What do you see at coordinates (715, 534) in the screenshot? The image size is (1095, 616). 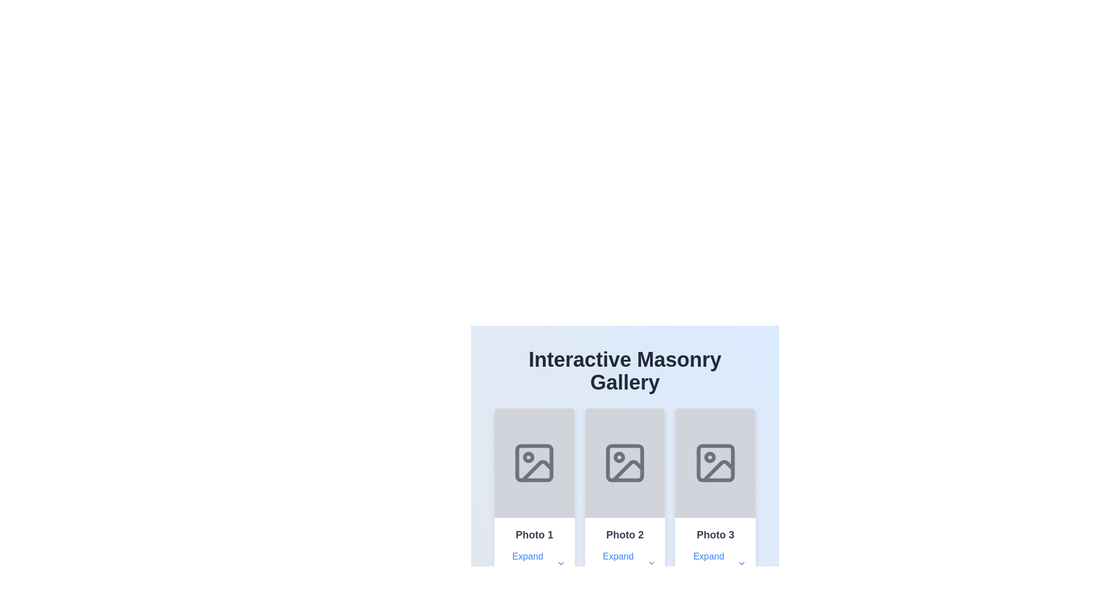 I see `text label indicating 'Photo 3', which serves as the title for the third panel and is positioned above the 'Expand' link` at bounding box center [715, 534].